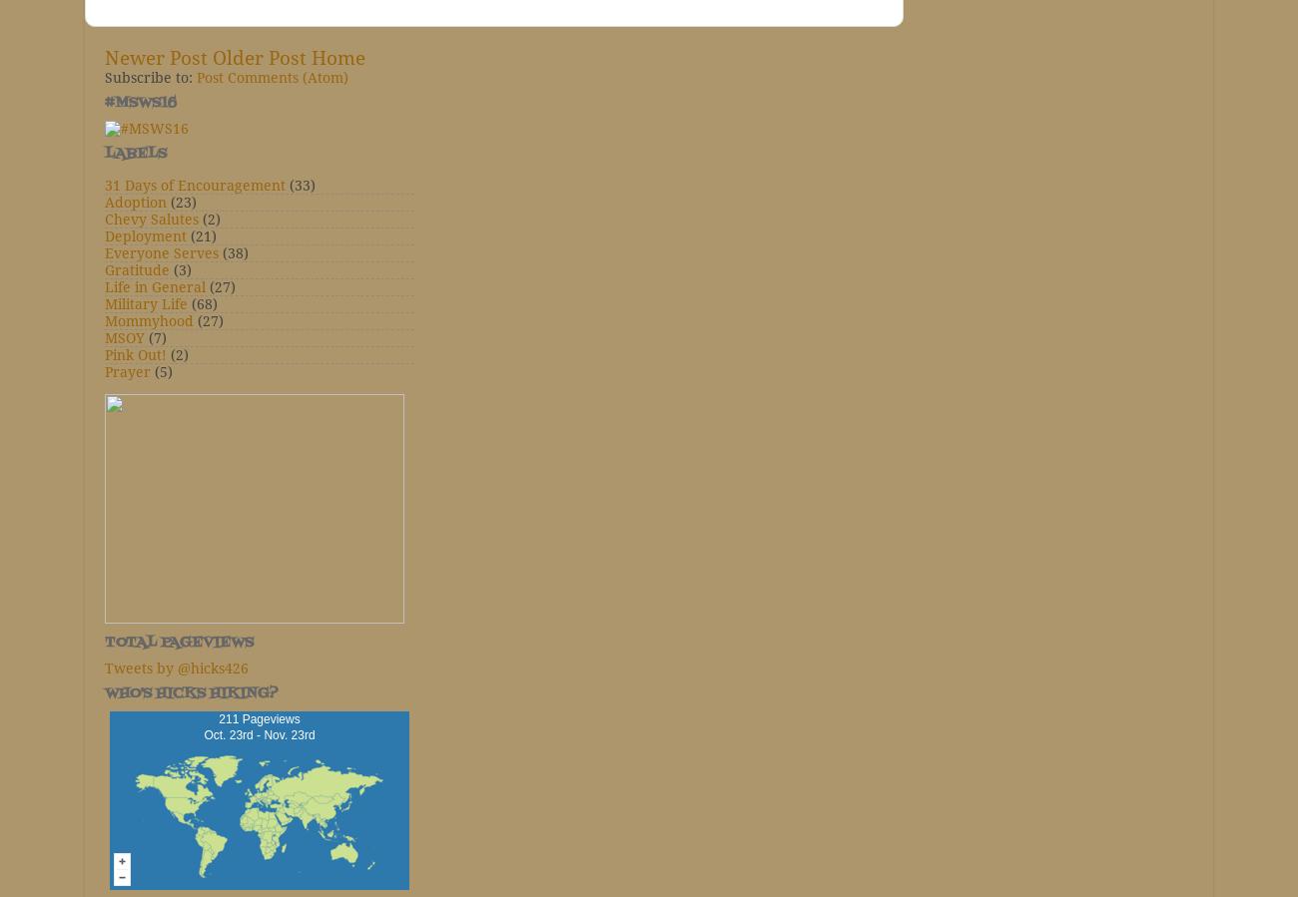 This screenshot has height=897, width=1298. What do you see at coordinates (258, 733) in the screenshot?
I see `'Oct. 23rd - Nov. 23rd'` at bounding box center [258, 733].